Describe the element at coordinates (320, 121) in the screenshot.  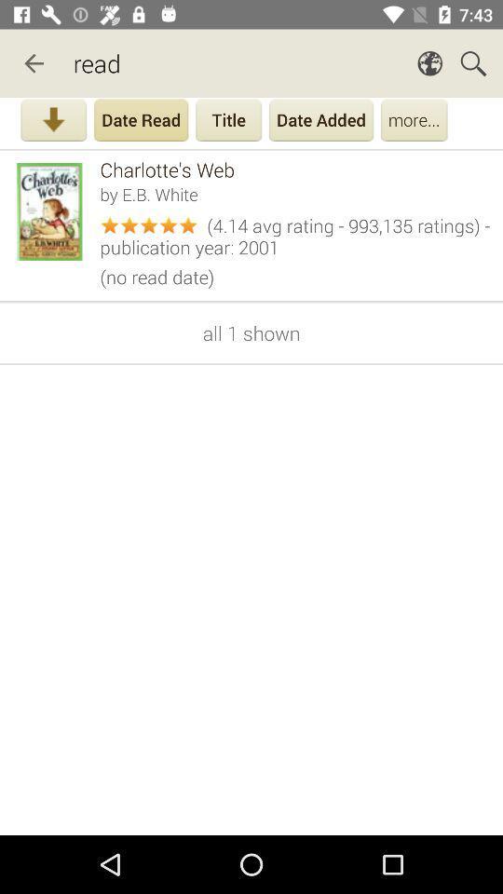
I see `date added item` at that location.